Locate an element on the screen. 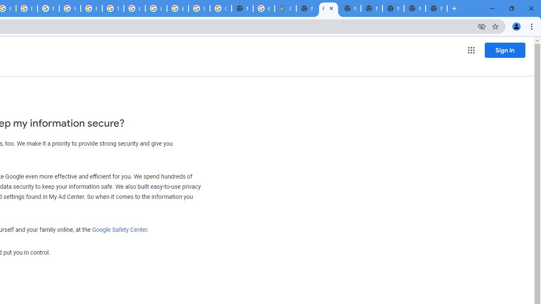 This screenshot has height=304, width=541. 'Tips & tricks for Chrome - Google Chrome Help' is located at coordinates (112, 8).